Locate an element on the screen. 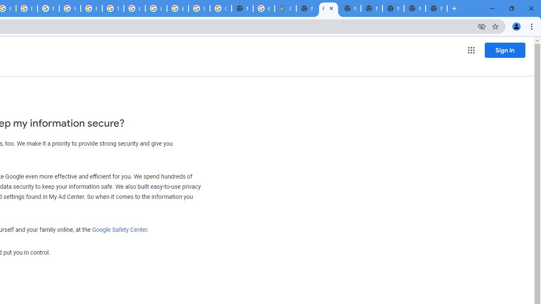 This screenshot has height=304, width=541. 'Tips & tricks for Chrome - Google Chrome Help' is located at coordinates (112, 8).